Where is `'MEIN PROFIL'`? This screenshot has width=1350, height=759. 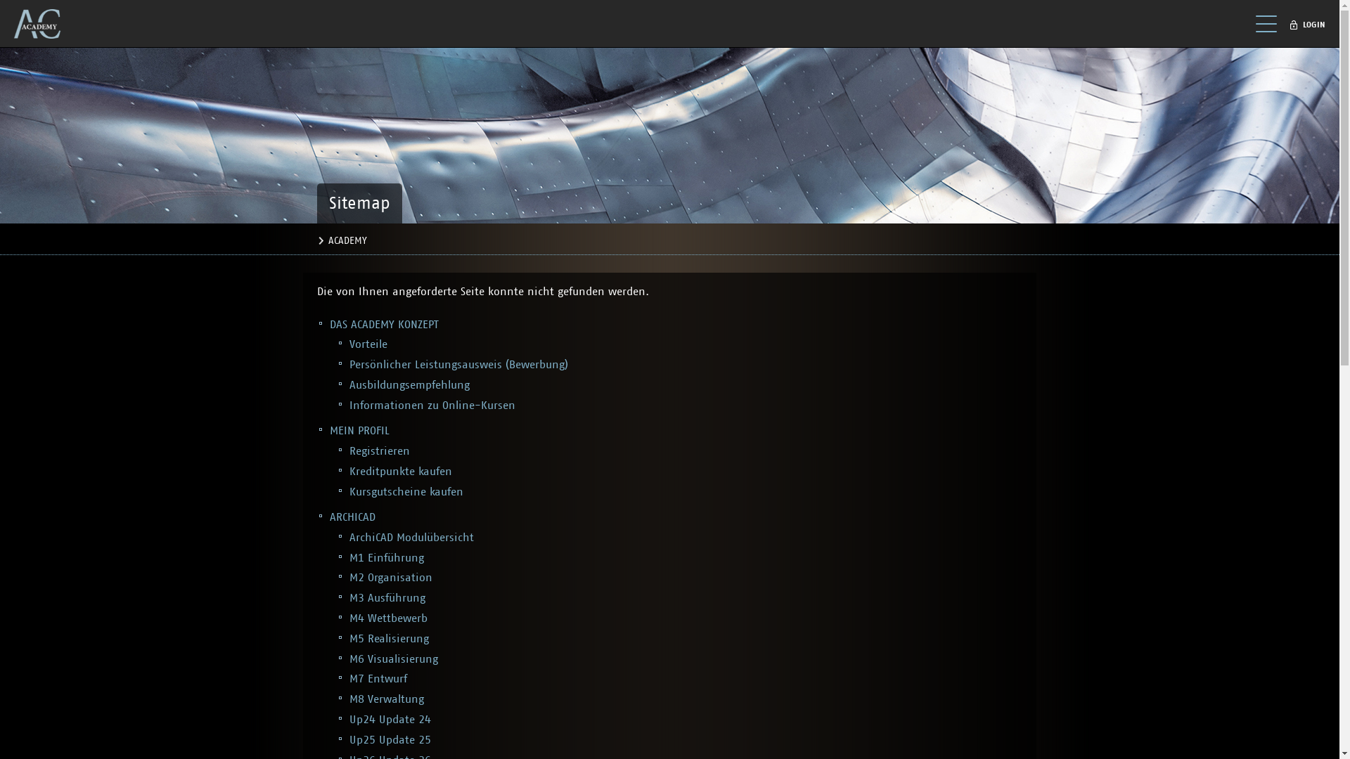 'MEIN PROFIL' is located at coordinates (359, 430).